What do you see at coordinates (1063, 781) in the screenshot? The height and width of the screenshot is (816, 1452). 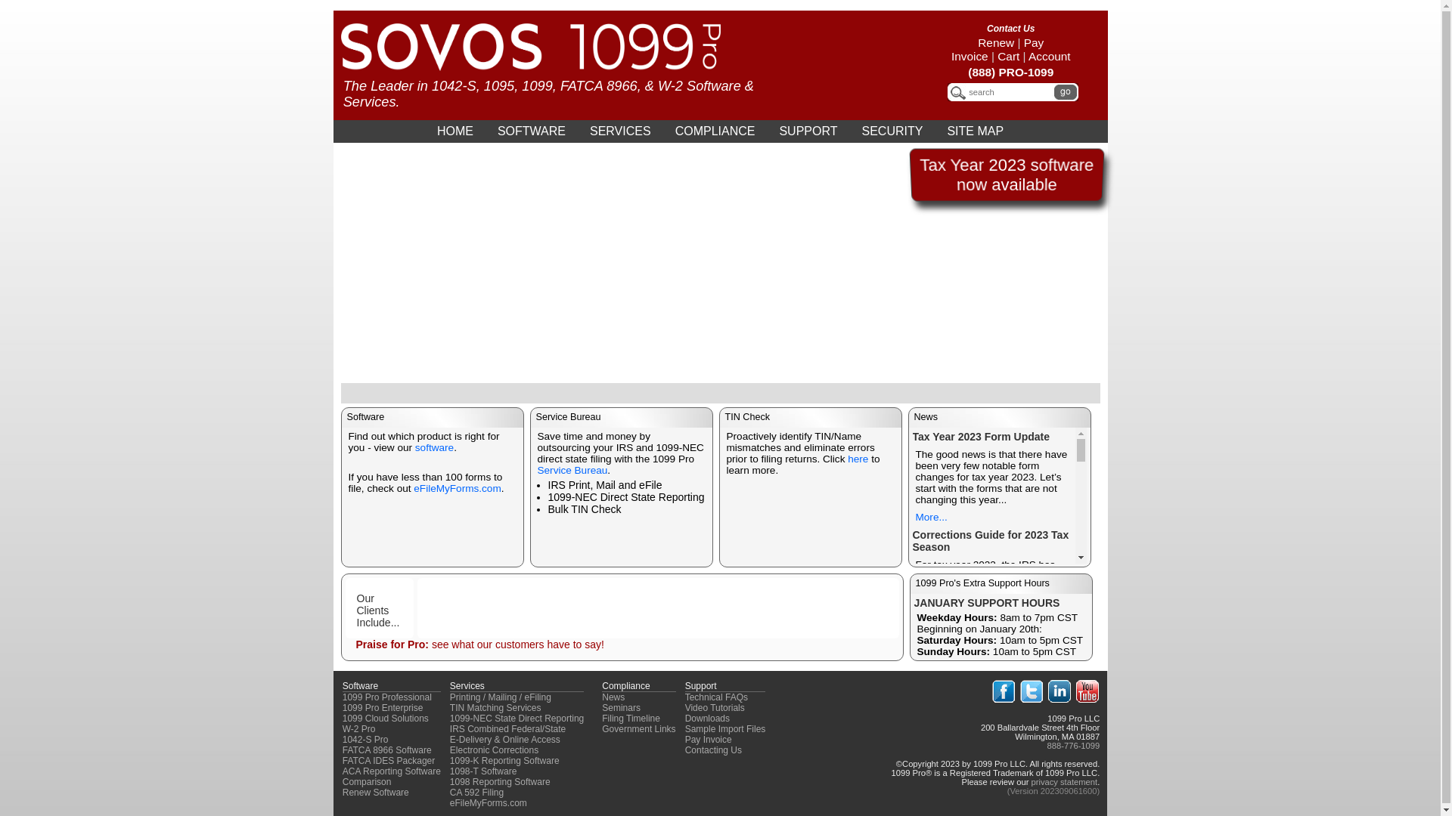 I see `'privacy statement'` at bounding box center [1063, 781].